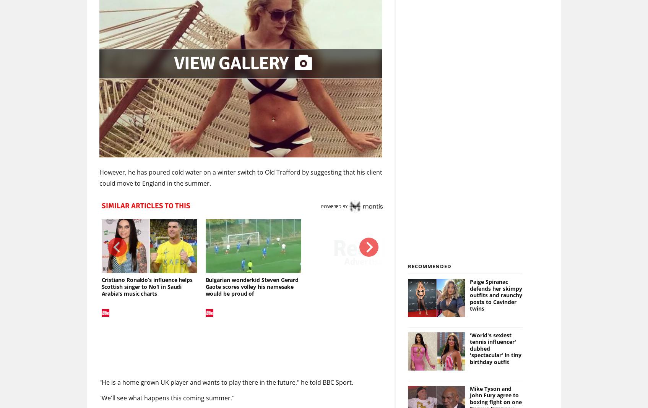 The image size is (648, 408). I want to click on '1', so click(554, 313).